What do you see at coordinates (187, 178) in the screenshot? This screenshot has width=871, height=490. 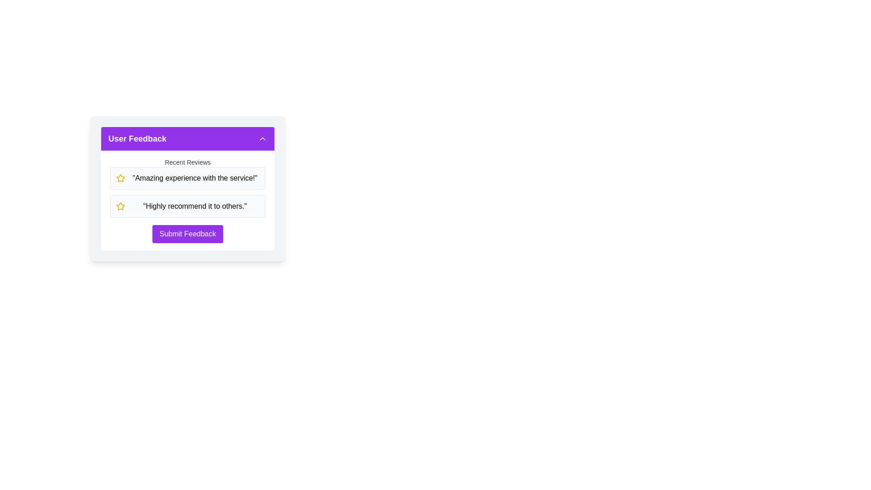 I see `the first review item in the 'Recent Reviews' section, which contains a yellow star icon and the text 'Amazing experience with the service!'` at bounding box center [187, 178].